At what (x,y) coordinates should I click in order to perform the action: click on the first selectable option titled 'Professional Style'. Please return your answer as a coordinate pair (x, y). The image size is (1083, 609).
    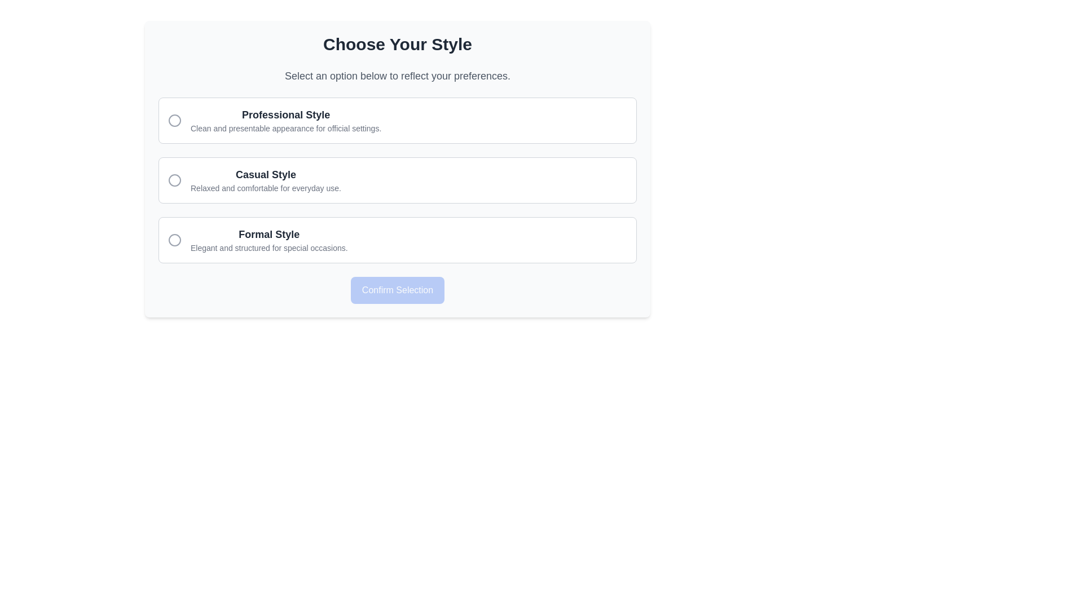
    Looking at the image, I should click on (398, 120).